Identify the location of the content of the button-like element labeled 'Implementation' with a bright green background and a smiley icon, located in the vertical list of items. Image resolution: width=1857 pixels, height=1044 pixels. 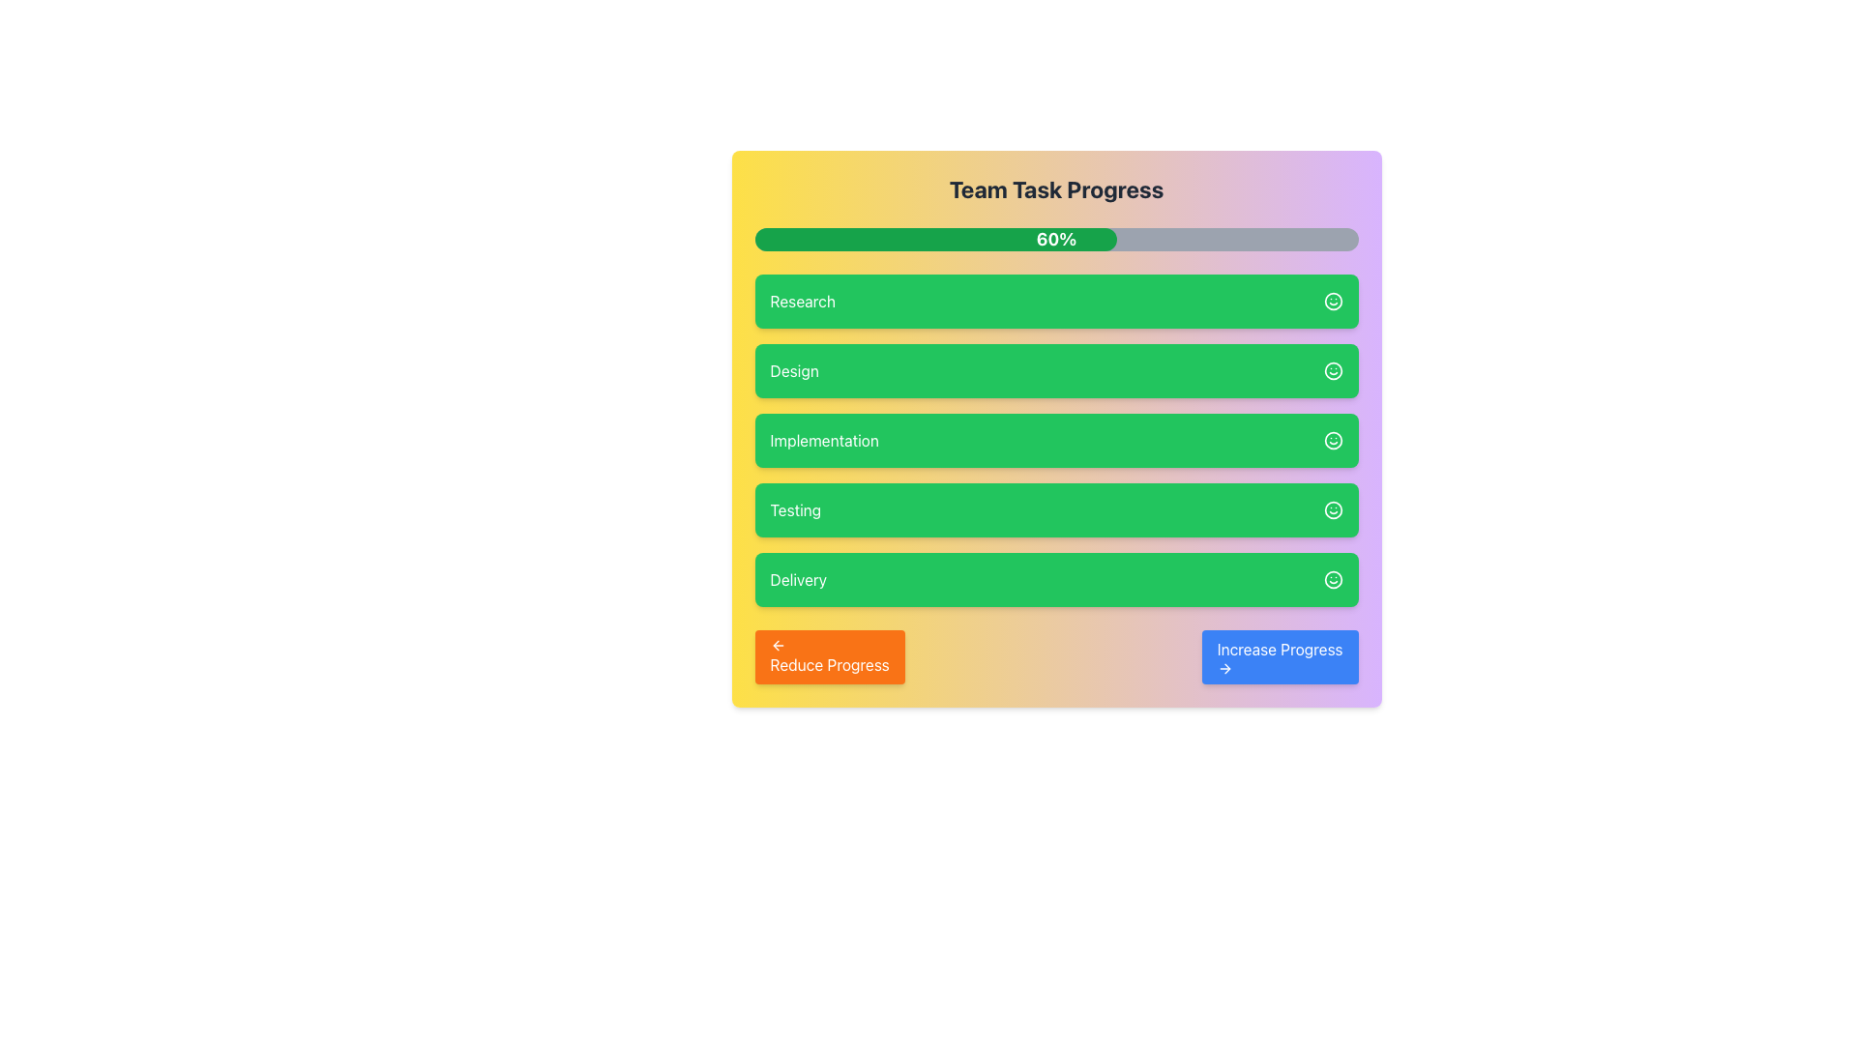
(1055, 440).